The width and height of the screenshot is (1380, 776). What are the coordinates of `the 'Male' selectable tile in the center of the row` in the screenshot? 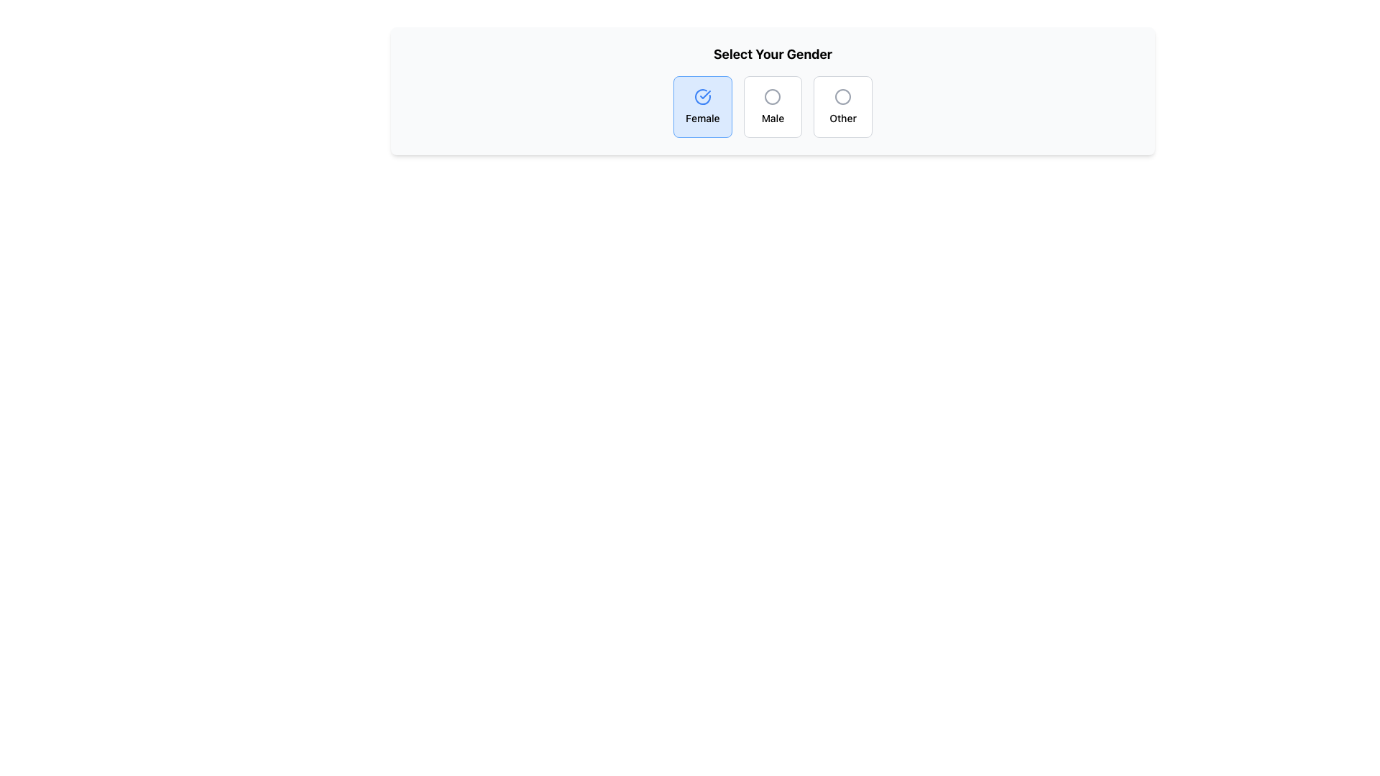 It's located at (772, 106).